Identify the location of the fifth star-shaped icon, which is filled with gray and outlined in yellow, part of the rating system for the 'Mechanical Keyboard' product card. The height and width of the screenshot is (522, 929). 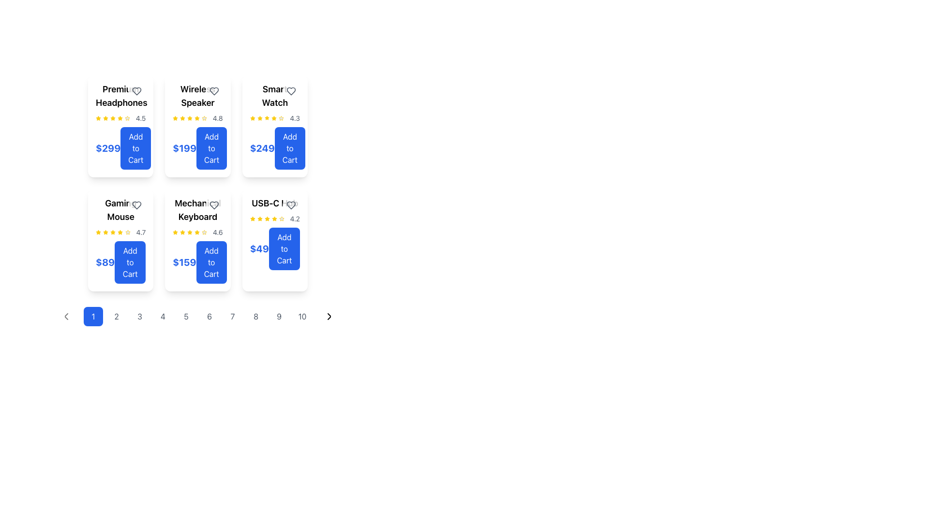
(204, 232).